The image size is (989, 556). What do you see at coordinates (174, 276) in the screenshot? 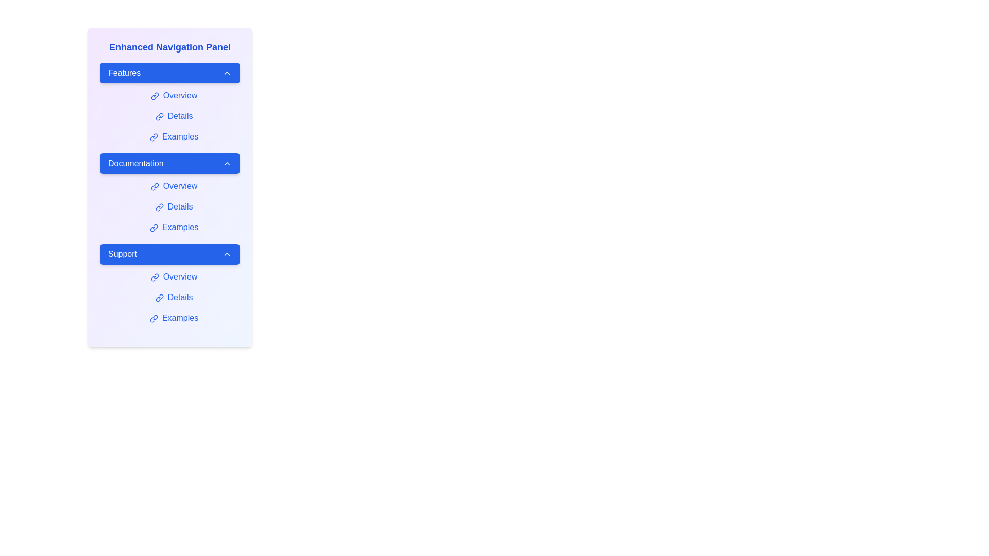
I see `the 'Overview' hyperlink in the 'Support' section of the navigation panel` at bounding box center [174, 276].